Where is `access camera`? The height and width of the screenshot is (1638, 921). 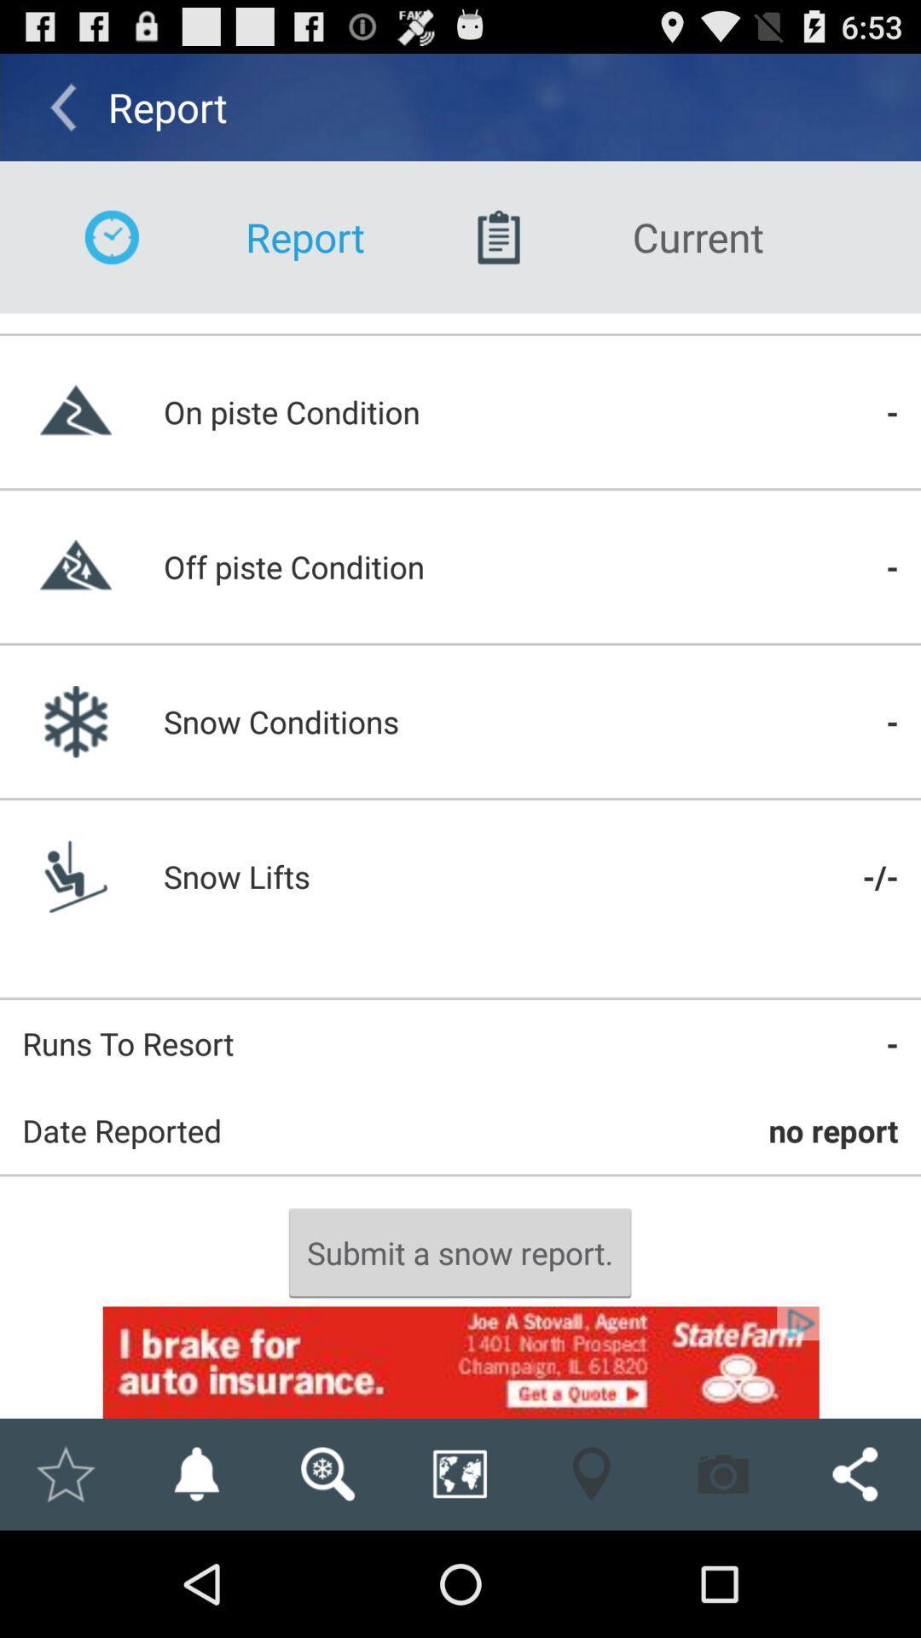 access camera is located at coordinates (723, 1473).